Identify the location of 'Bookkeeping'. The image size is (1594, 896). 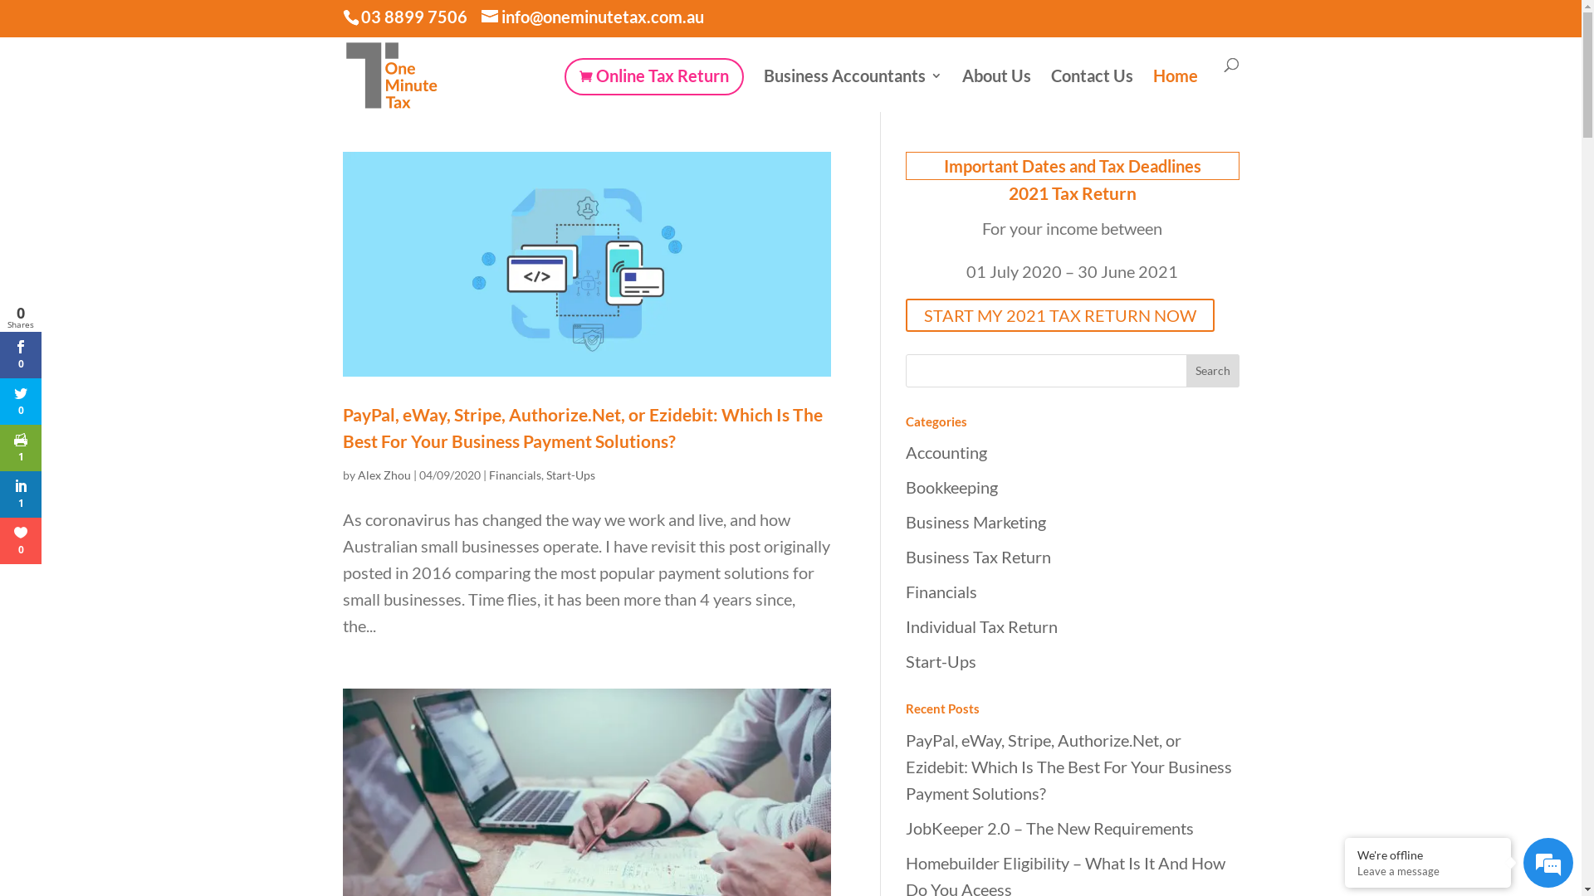
(951, 485).